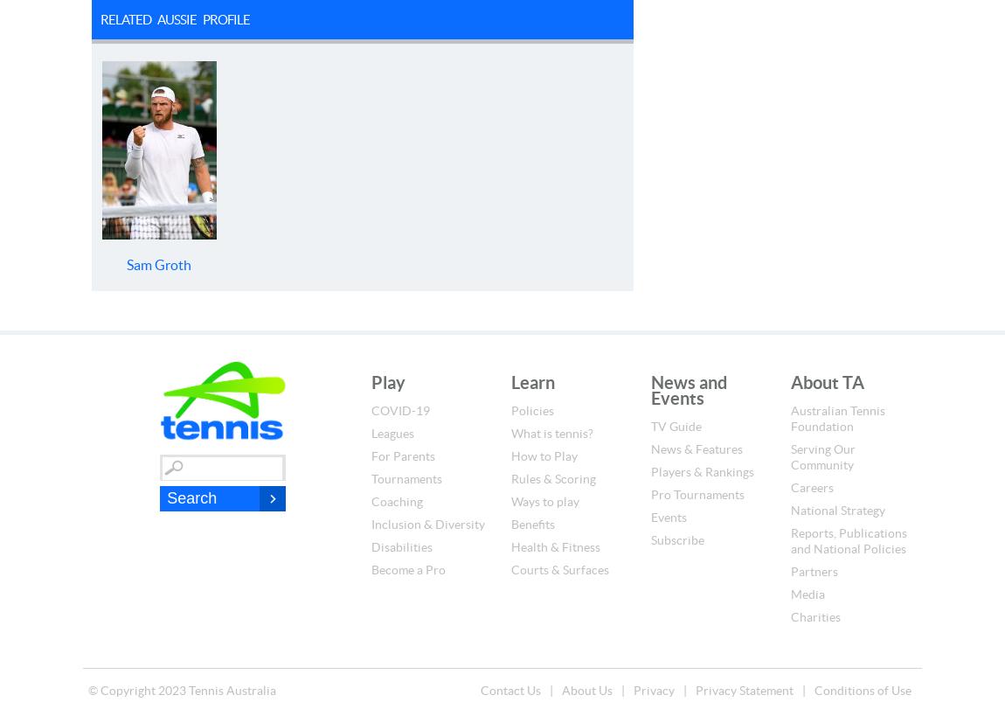  I want to click on 'For Parents', so click(403, 455).